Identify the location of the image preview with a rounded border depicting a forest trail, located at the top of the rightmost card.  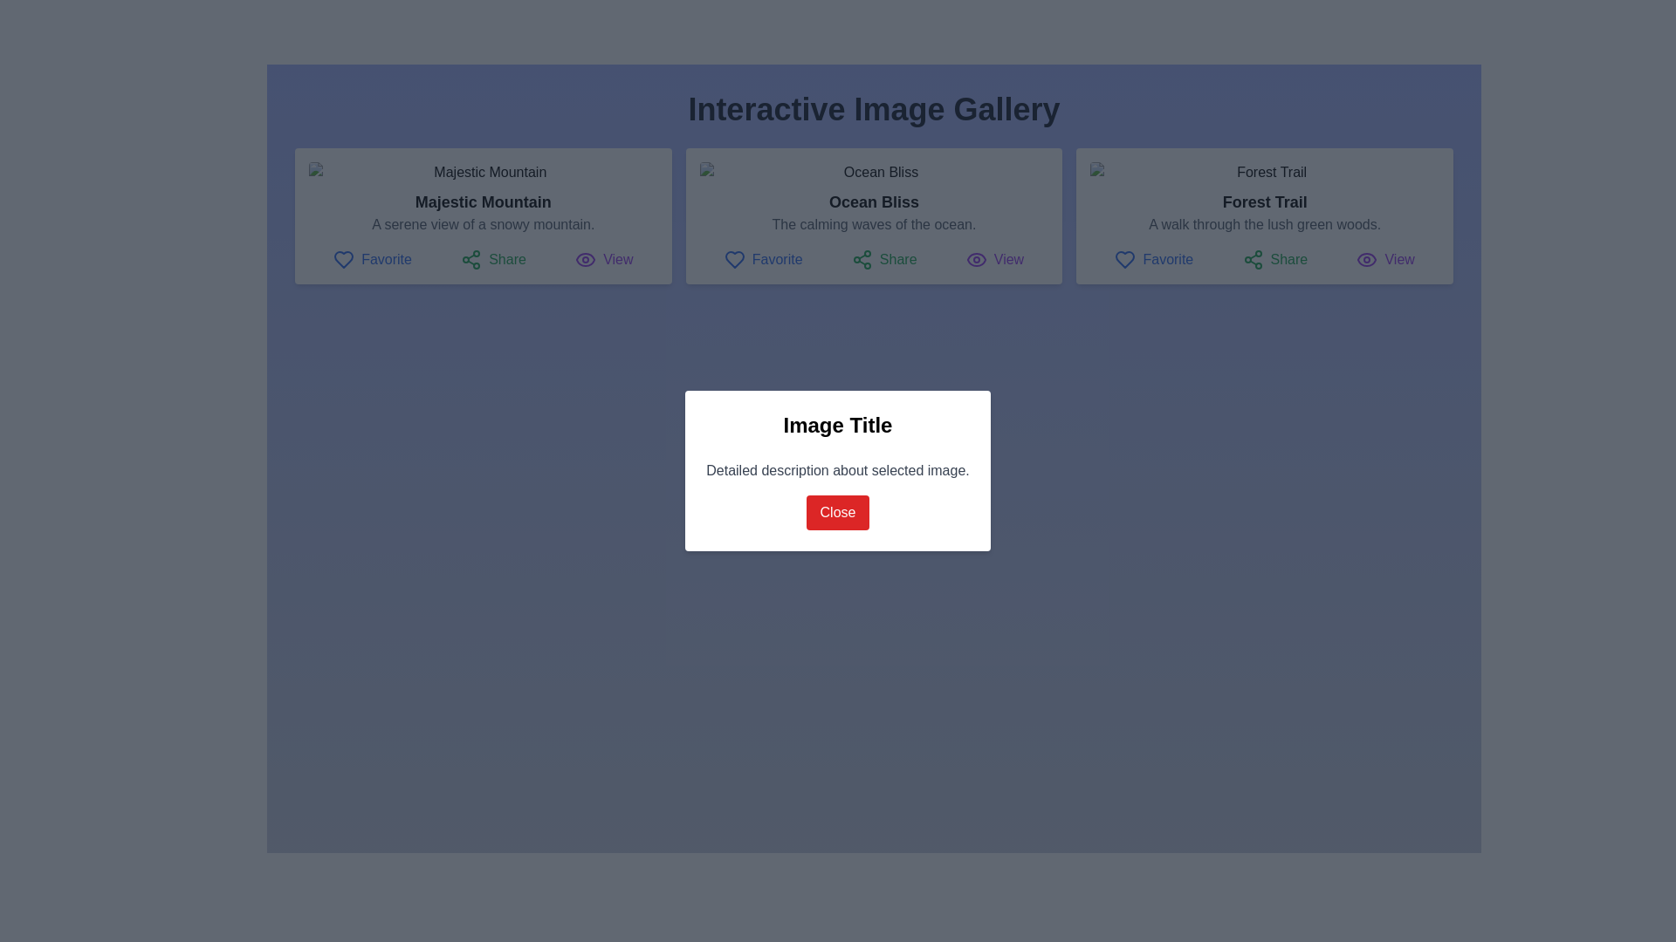
(1265, 172).